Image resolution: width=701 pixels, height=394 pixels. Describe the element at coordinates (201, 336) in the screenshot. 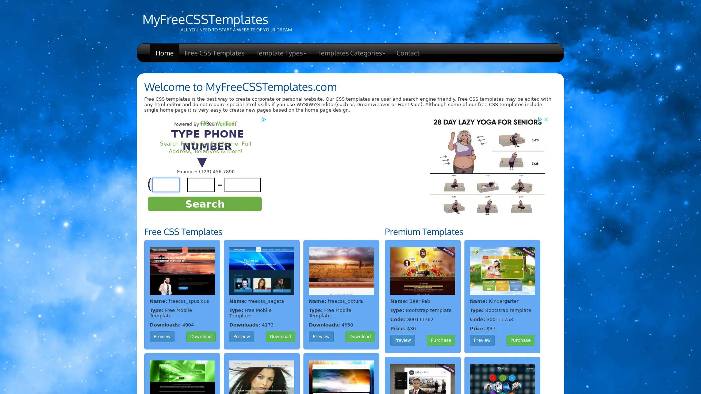

I see `Download` at that location.